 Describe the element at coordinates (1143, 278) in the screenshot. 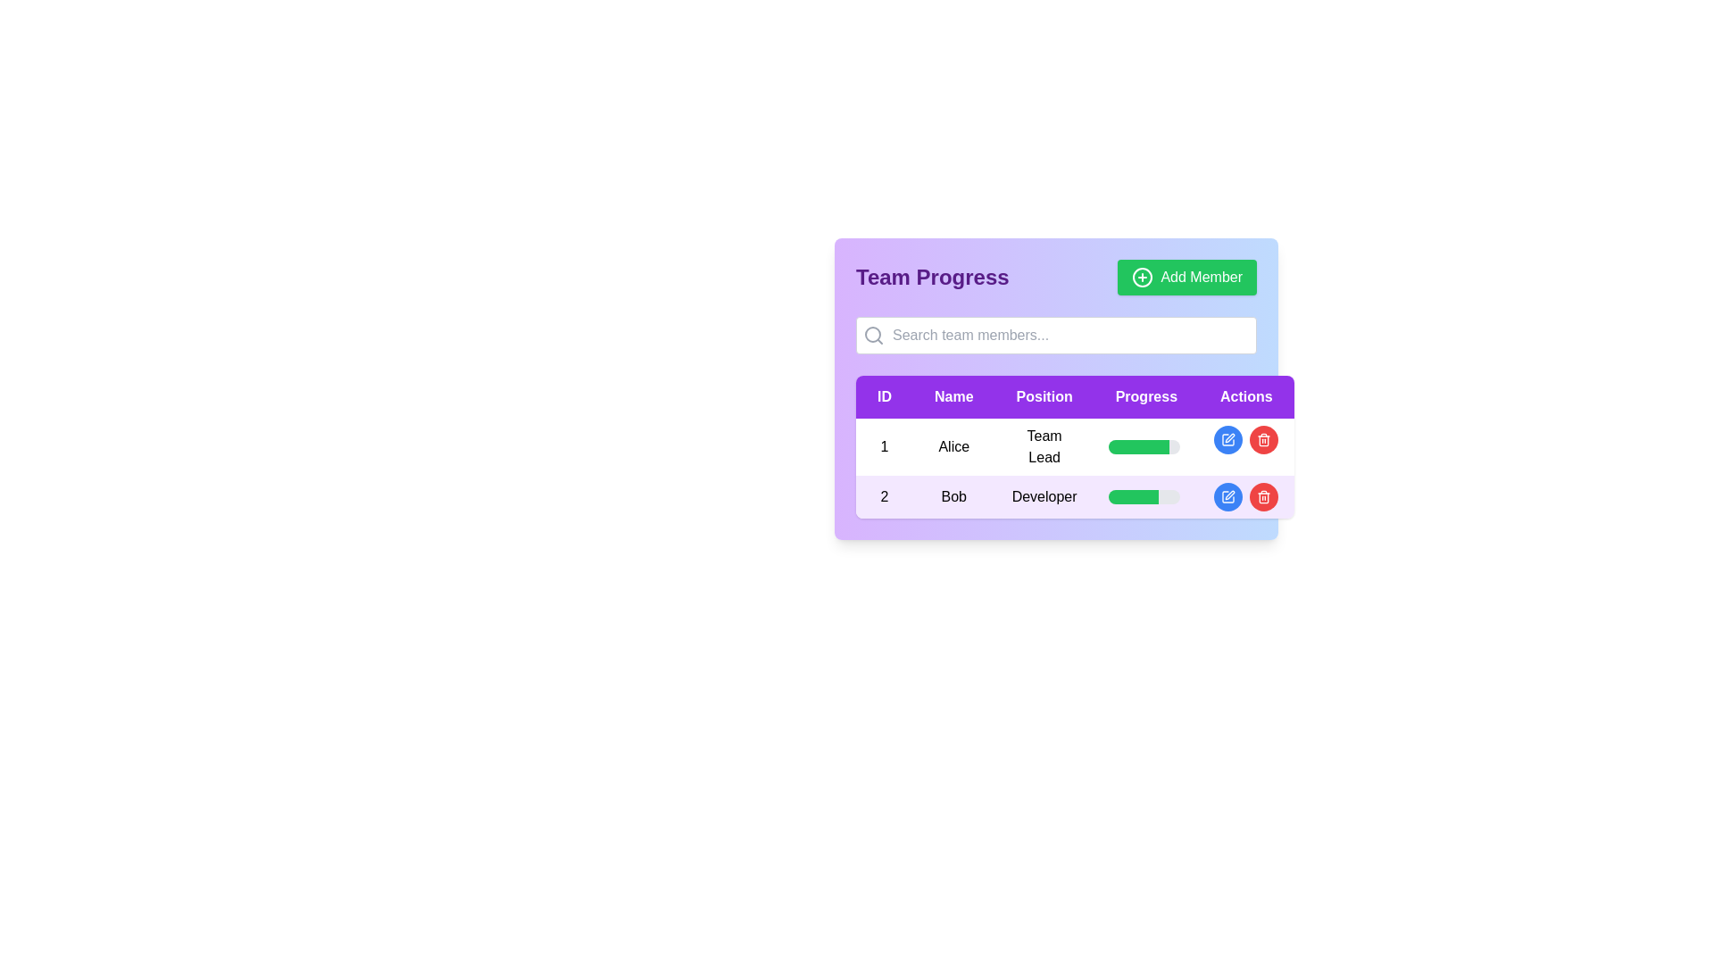

I see `the circular green icon with a white border and cross, located within the 'Add Member' button in the top-right section of the interface` at that location.